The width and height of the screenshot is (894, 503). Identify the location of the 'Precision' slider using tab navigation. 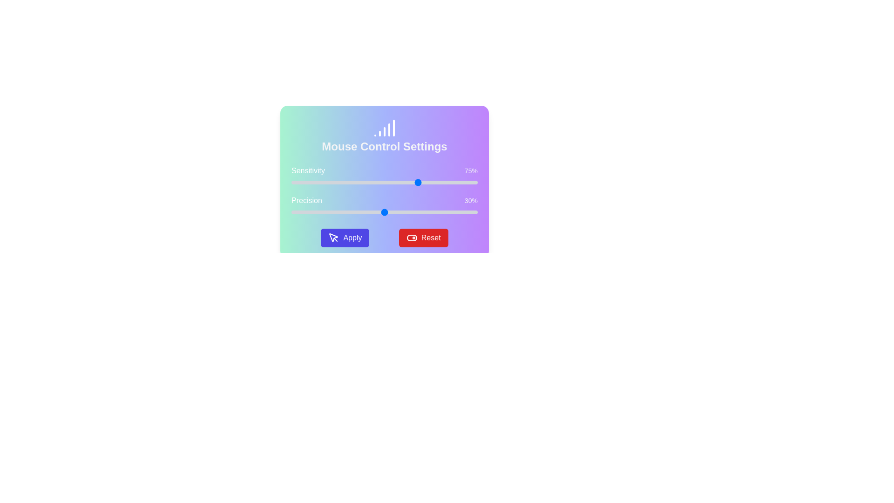
(384, 206).